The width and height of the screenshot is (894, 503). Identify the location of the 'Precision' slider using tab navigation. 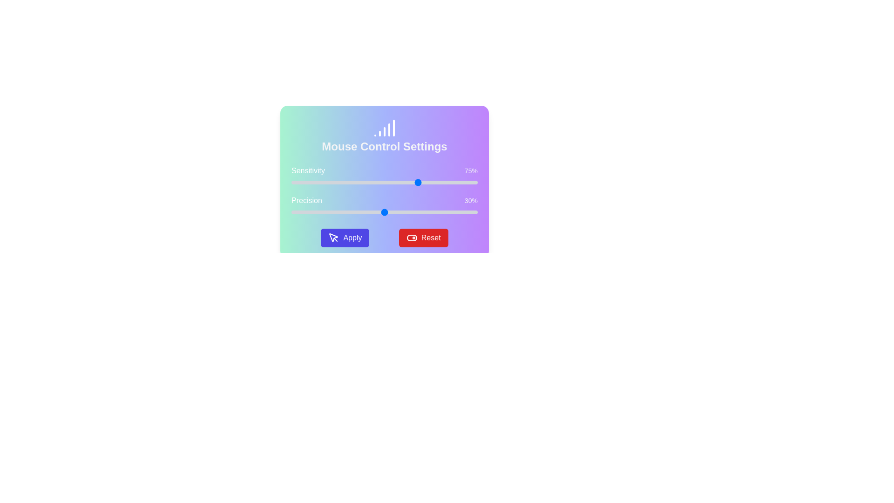
(384, 206).